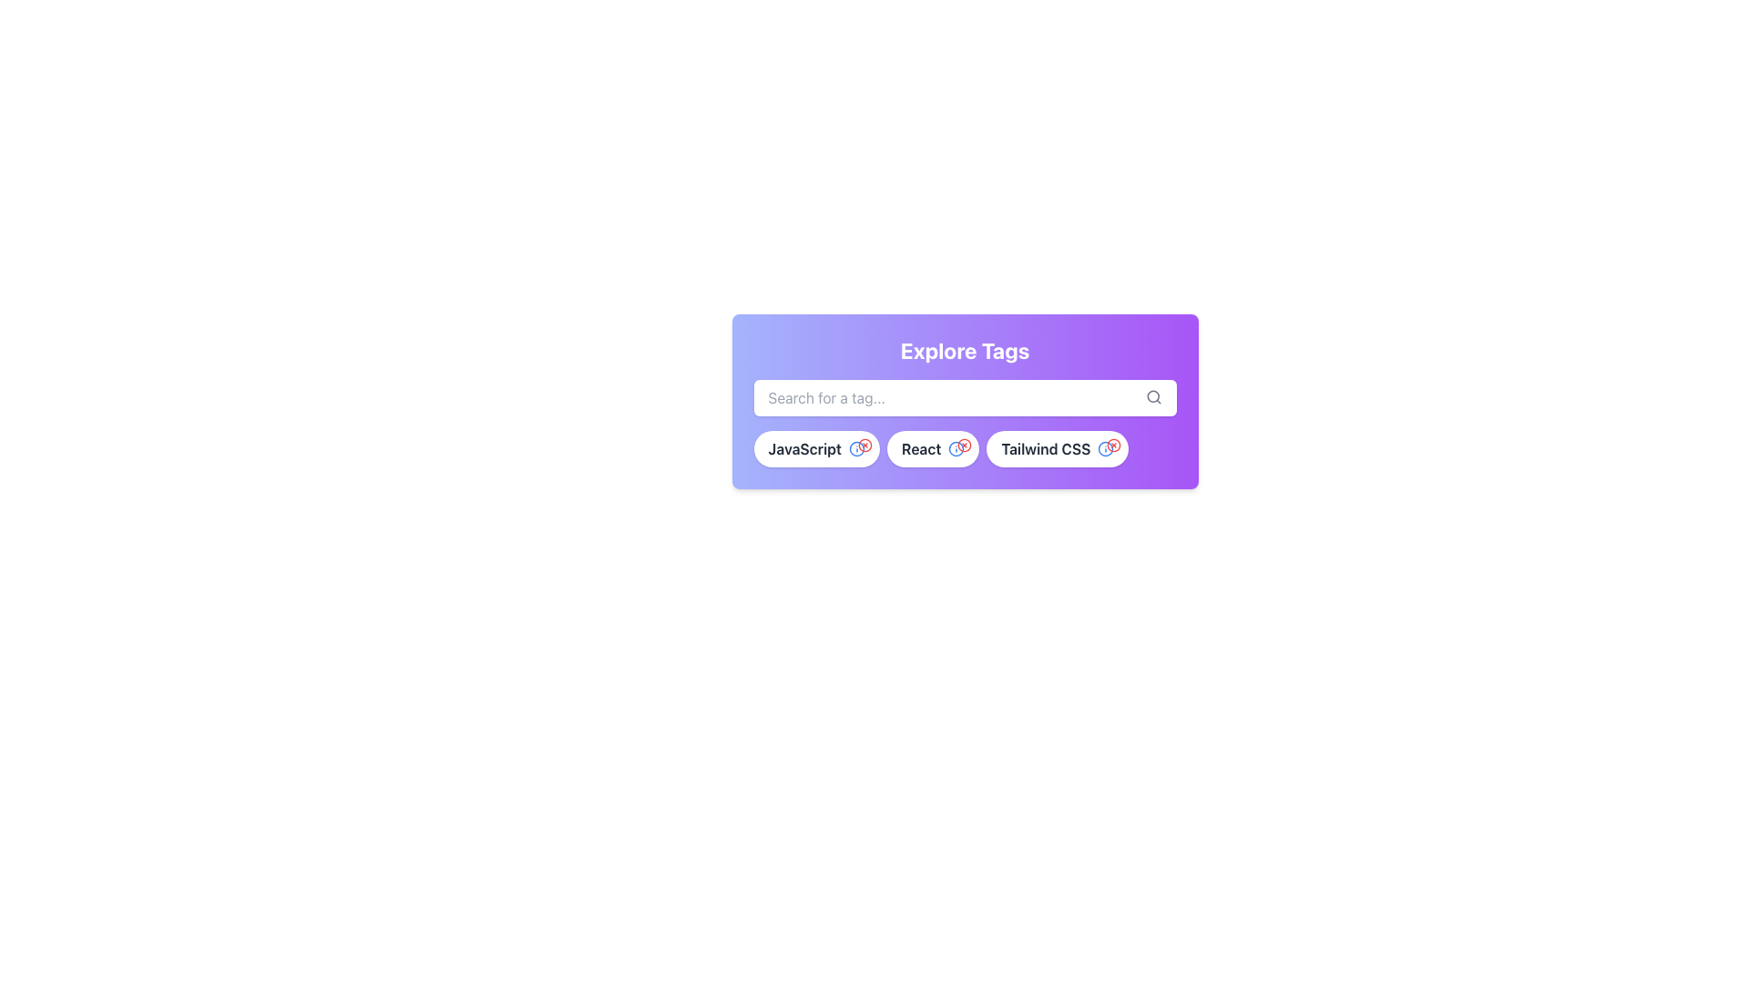 The height and width of the screenshot is (984, 1749). Describe the element at coordinates (855, 449) in the screenshot. I see `the outermost circular vector graphic shape that serves as a decorative or structural part of an informational icon, enhancing visual clarity` at that location.